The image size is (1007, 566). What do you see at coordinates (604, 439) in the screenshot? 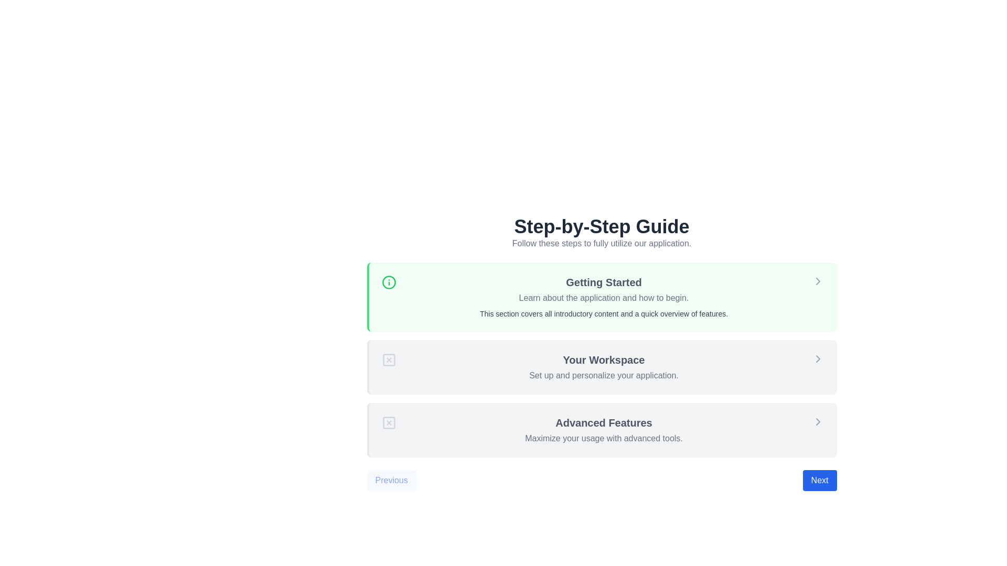
I see `the static text providing an explanatory description for the 'Advanced Features' section, located directly beneath the heading 'Advanced Features'` at bounding box center [604, 439].